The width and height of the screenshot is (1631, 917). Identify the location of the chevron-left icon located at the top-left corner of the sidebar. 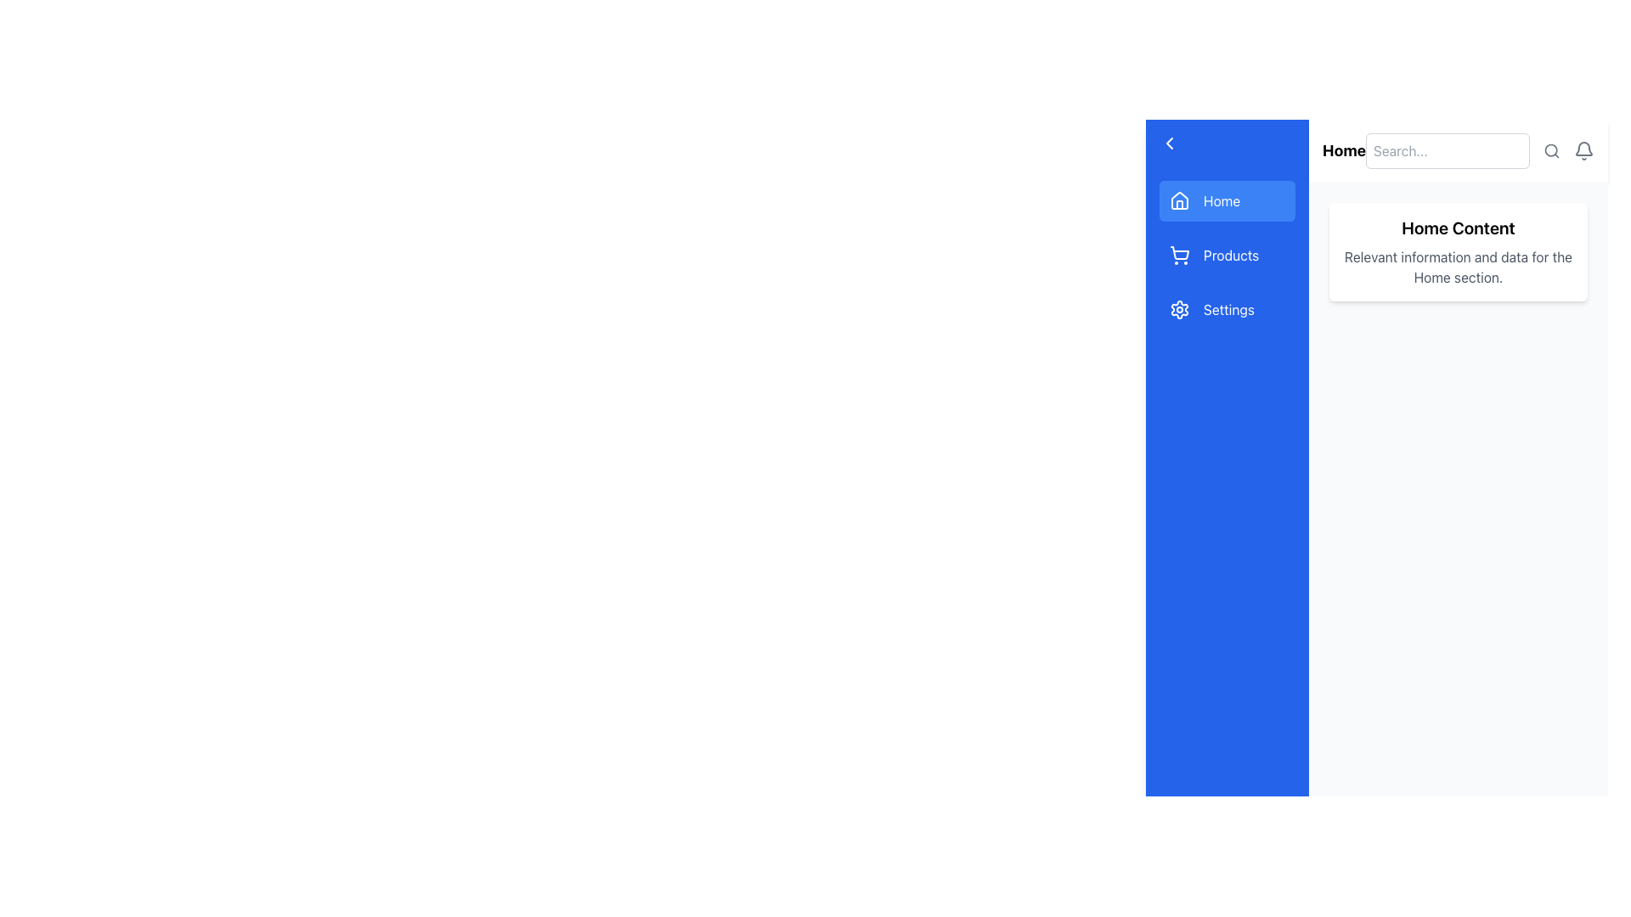
(1169, 143).